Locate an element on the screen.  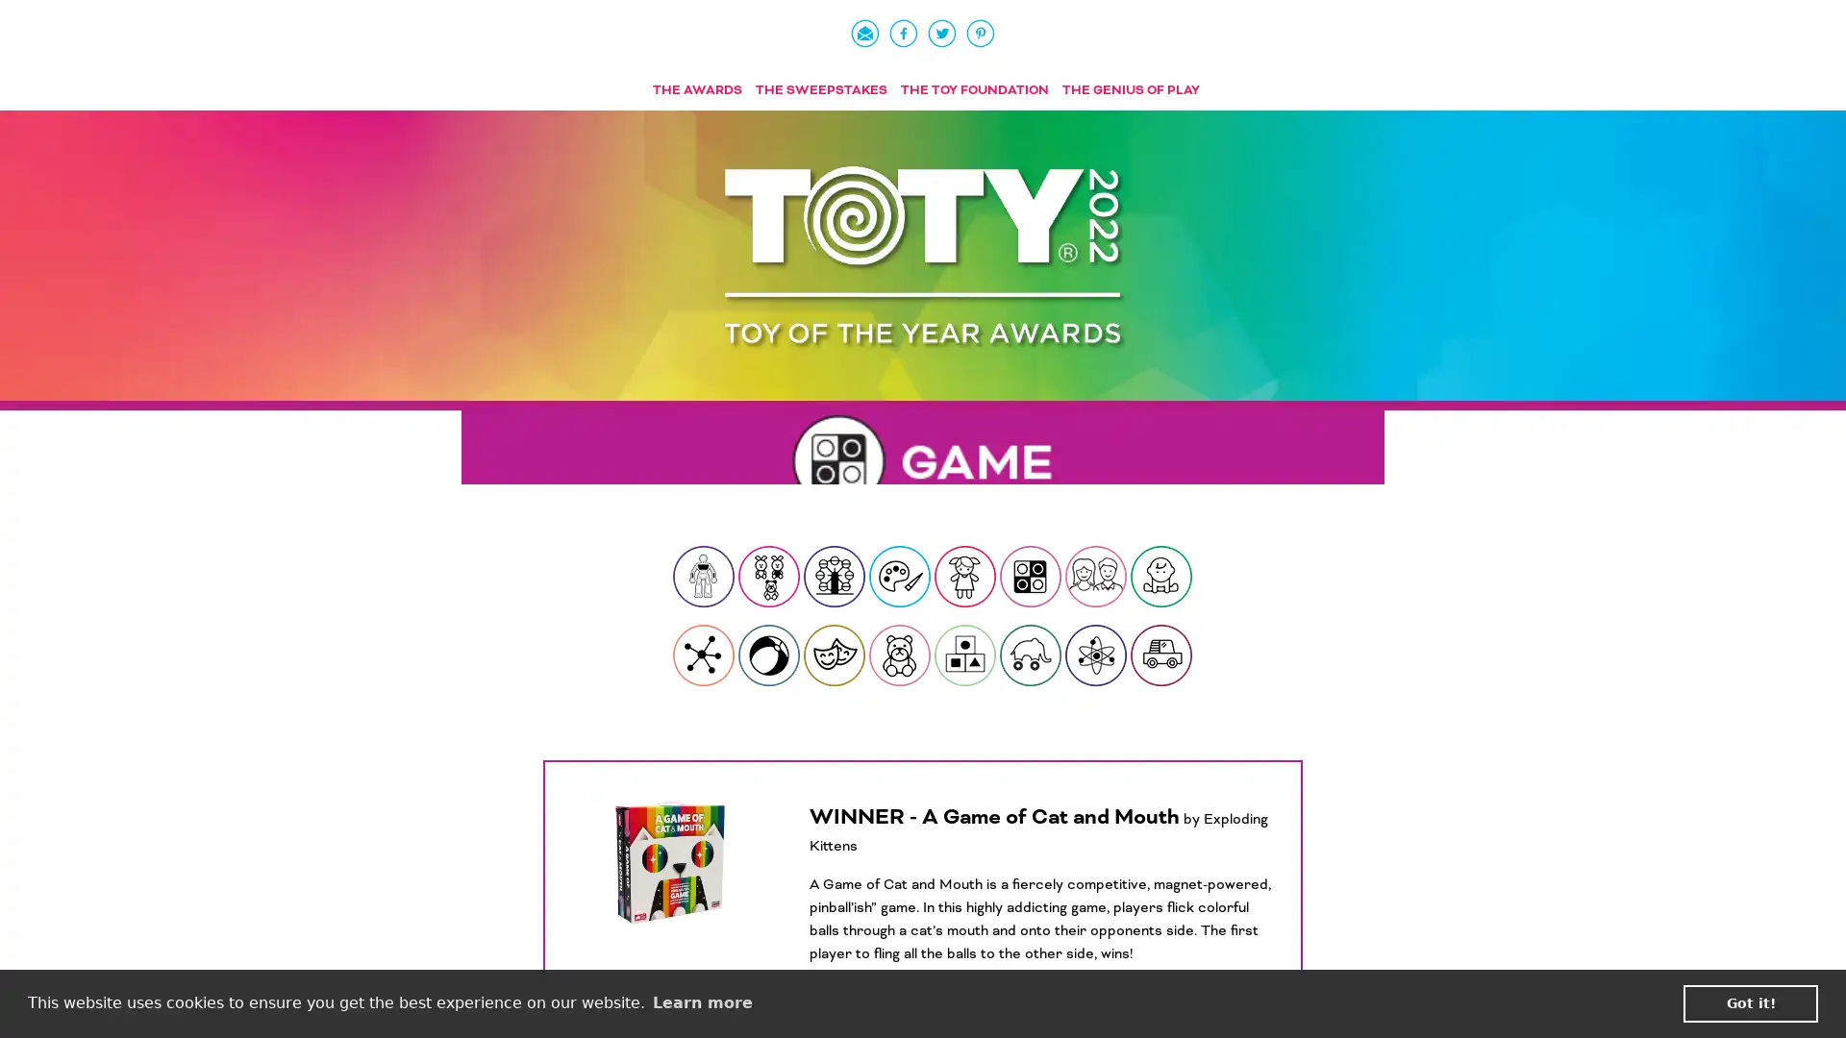
Submit is located at coordinates (1160, 655).